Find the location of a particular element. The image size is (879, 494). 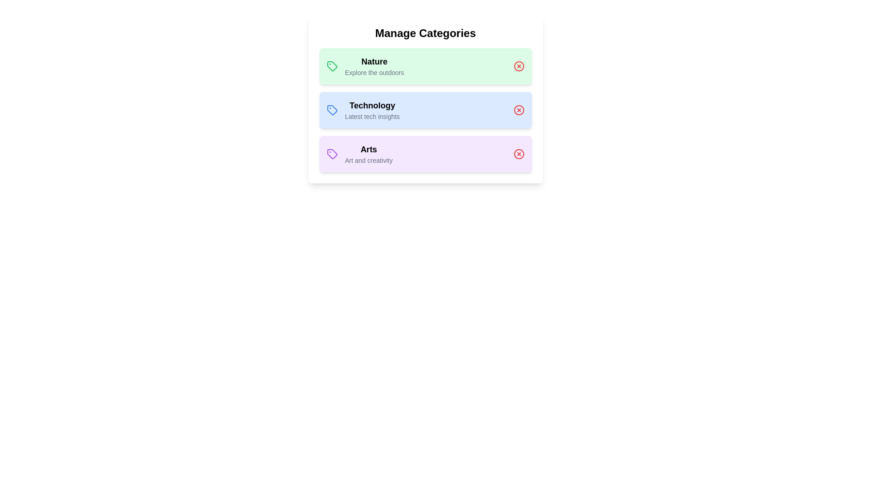

the category Technology to see its tooltip or effect is located at coordinates (425, 109).